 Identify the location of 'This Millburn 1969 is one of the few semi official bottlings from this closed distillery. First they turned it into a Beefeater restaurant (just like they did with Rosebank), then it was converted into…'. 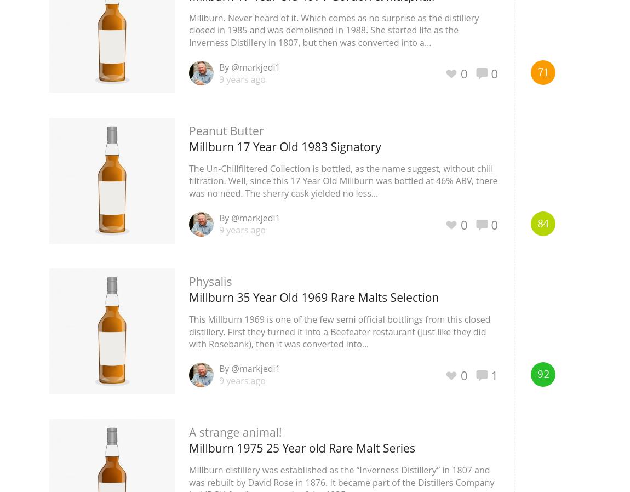
(339, 331).